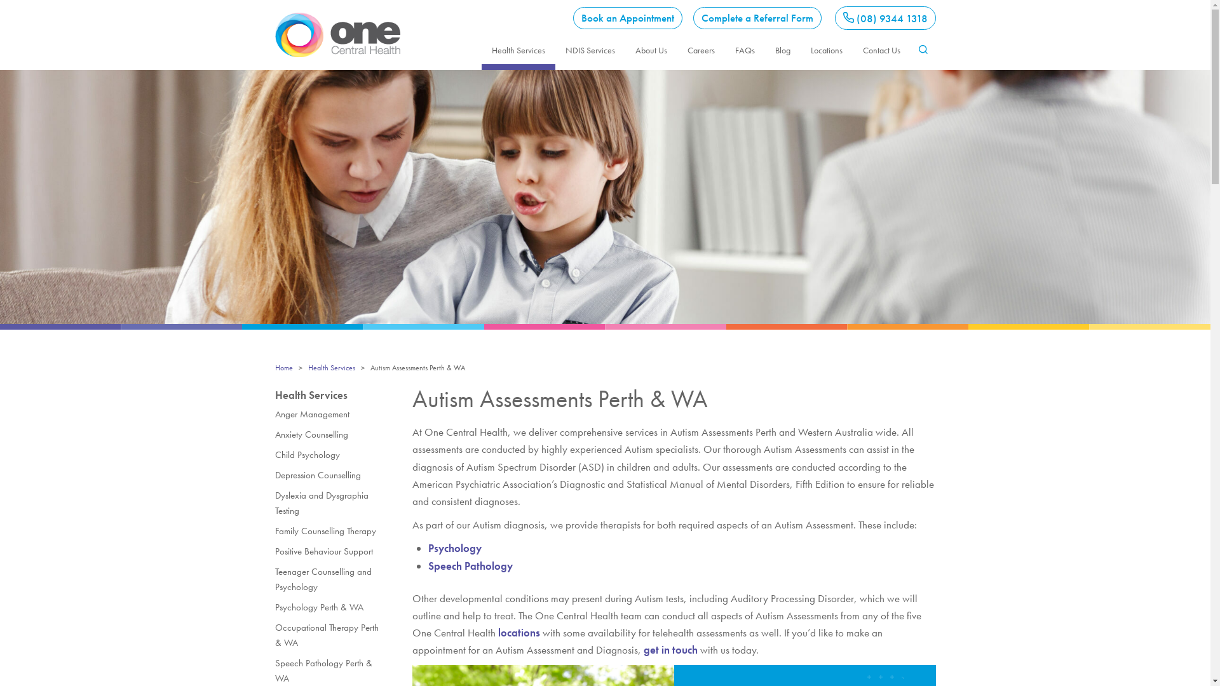 The width and height of the screenshot is (1220, 686). What do you see at coordinates (700, 49) in the screenshot?
I see `'Careers'` at bounding box center [700, 49].